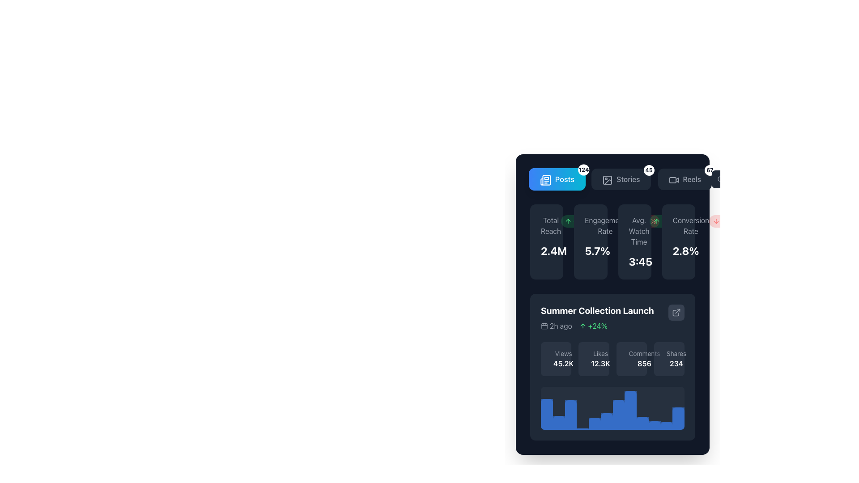  I want to click on the calendar icon, which is characterized by its box-like structure and grid-like pattern, located to the left of the text '2h ago', so click(544, 326).